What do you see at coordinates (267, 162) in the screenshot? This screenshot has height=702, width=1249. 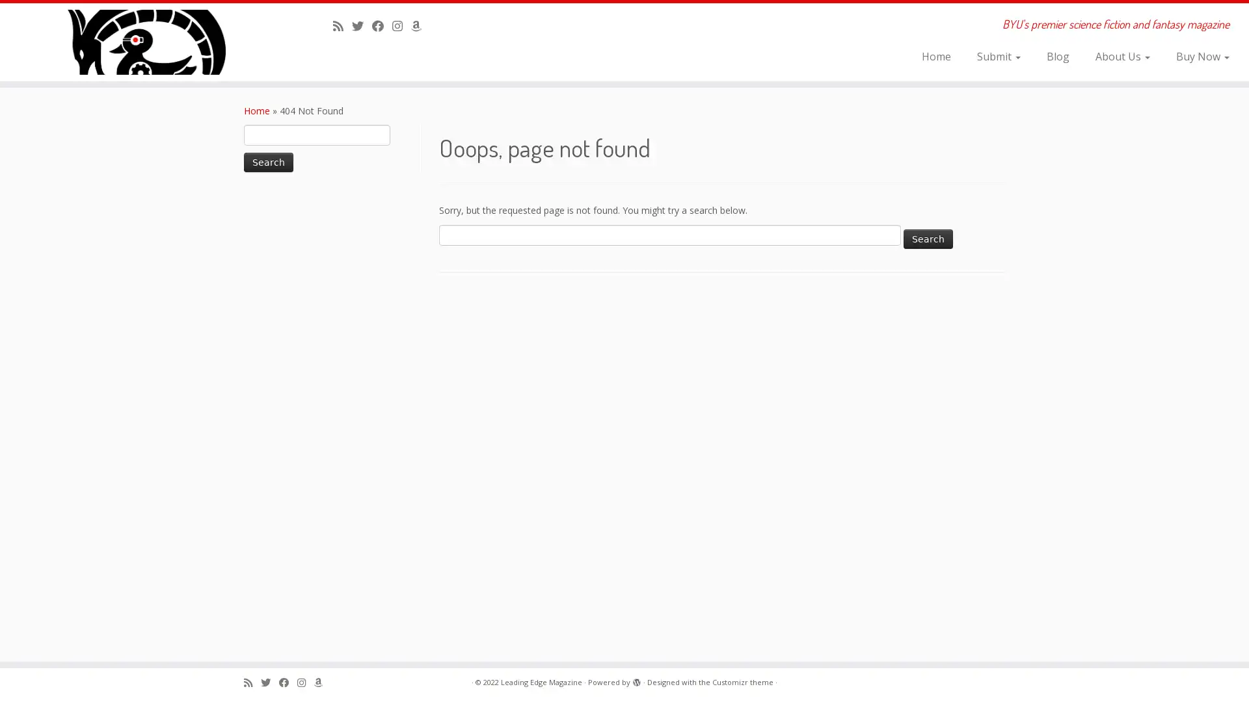 I see `Search` at bounding box center [267, 162].